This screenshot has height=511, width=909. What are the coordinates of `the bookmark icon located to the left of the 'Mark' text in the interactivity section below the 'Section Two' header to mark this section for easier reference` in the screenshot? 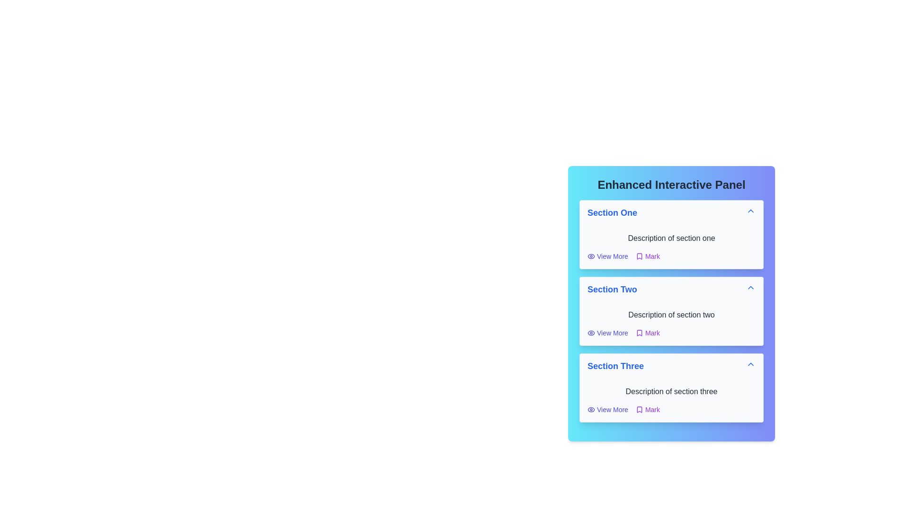 It's located at (639, 333).